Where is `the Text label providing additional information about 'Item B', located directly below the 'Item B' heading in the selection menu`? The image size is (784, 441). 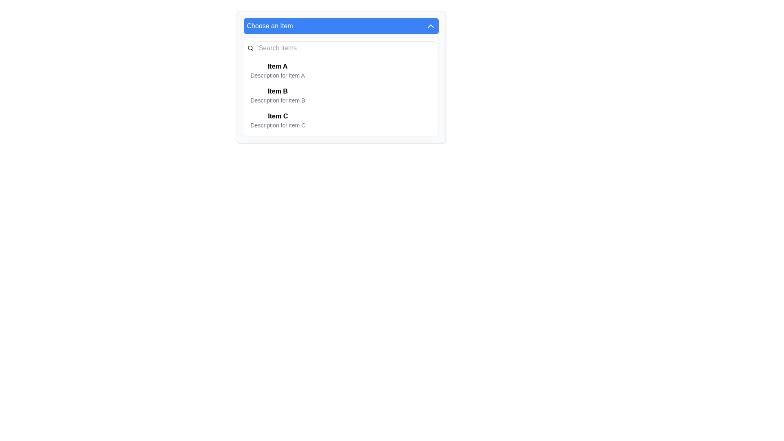 the Text label providing additional information about 'Item B', located directly below the 'Item B' heading in the selection menu is located at coordinates (278, 100).